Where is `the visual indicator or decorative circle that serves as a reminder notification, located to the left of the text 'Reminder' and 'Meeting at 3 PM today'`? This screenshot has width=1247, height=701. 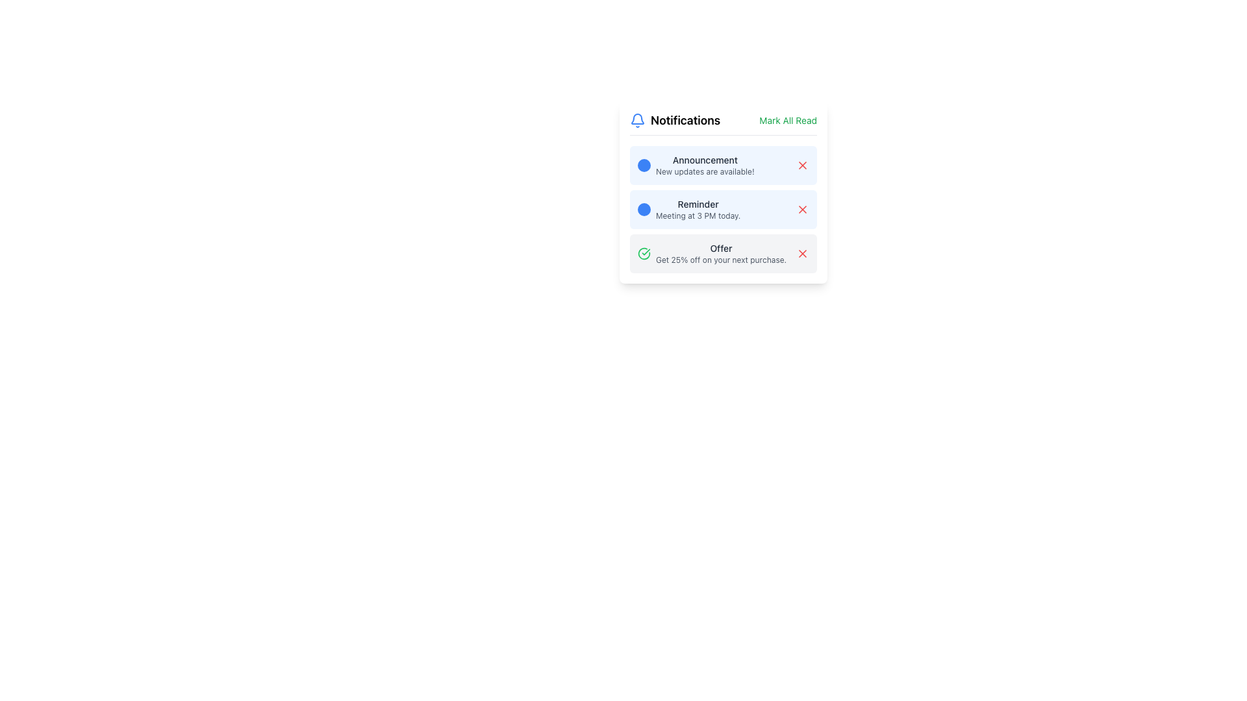 the visual indicator or decorative circle that serves as a reminder notification, located to the left of the text 'Reminder' and 'Meeting at 3 PM today' is located at coordinates (644, 209).